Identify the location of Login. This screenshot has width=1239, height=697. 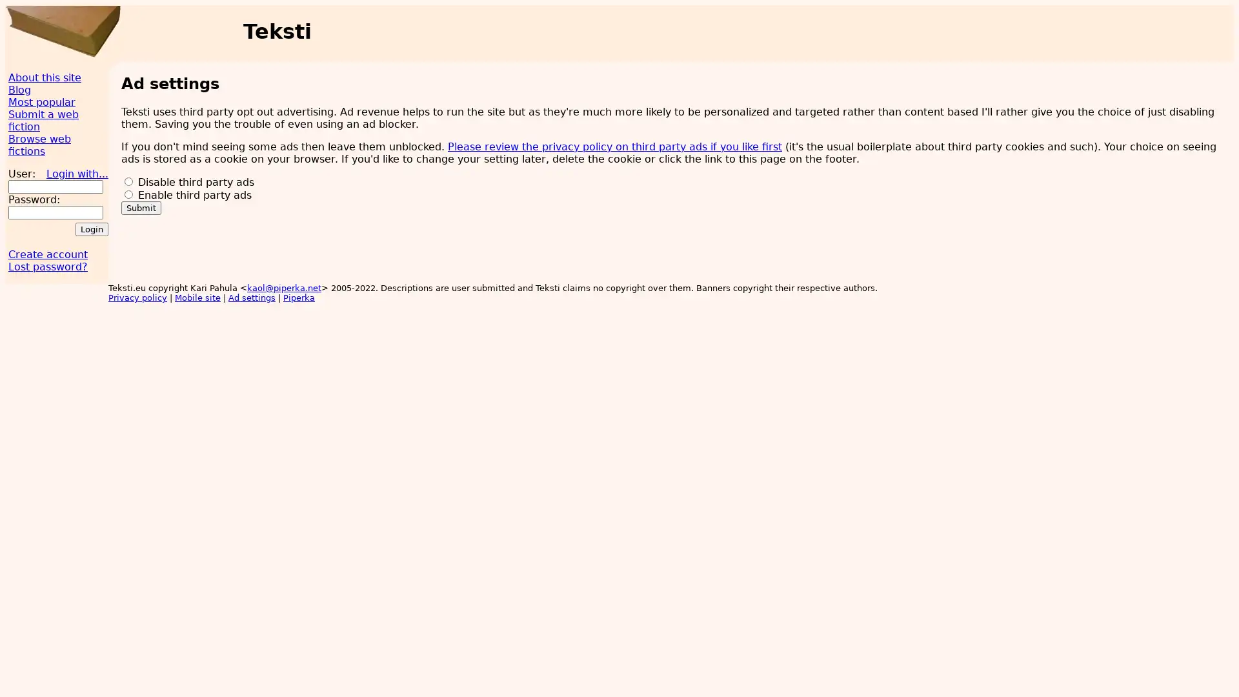
(91, 228).